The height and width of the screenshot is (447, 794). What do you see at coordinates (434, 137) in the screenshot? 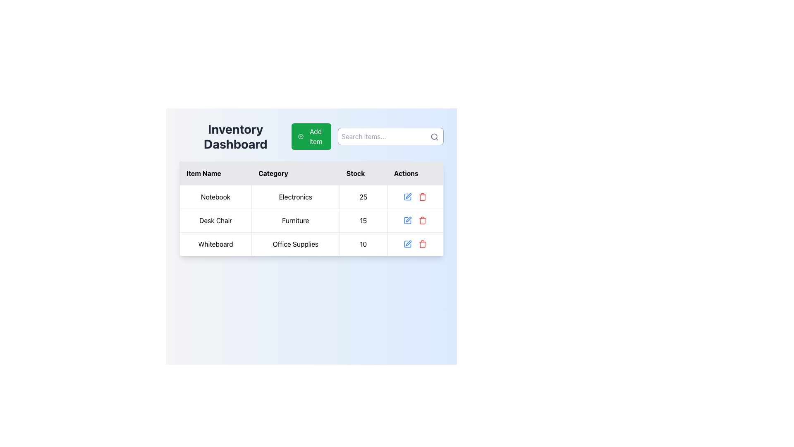
I see `the search icon, which is a small gray magnifying glass symbol located at the far right inside the search input field labeled 'Search items...'` at bounding box center [434, 137].